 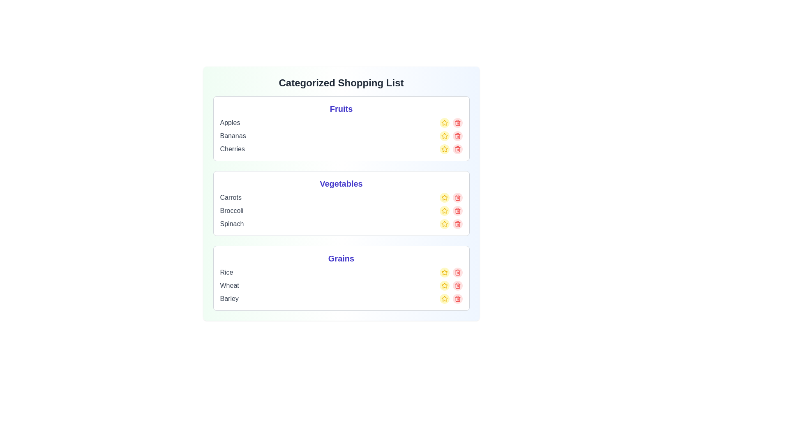 What do you see at coordinates (457, 224) in the screenshot?
I see `the delete button for the item Spinach` at bounding box center [457, 224].